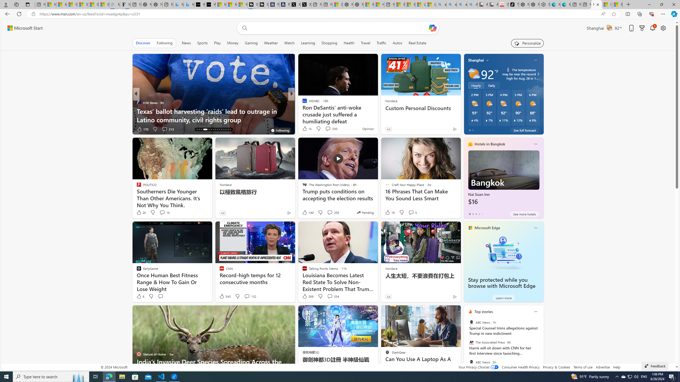 The width and height of the screenshot is (680, 382). What do you see at coordinates (535, 312) in the screenshot?
I see `'Class: icon-img'` at bounding box center [535, 312].